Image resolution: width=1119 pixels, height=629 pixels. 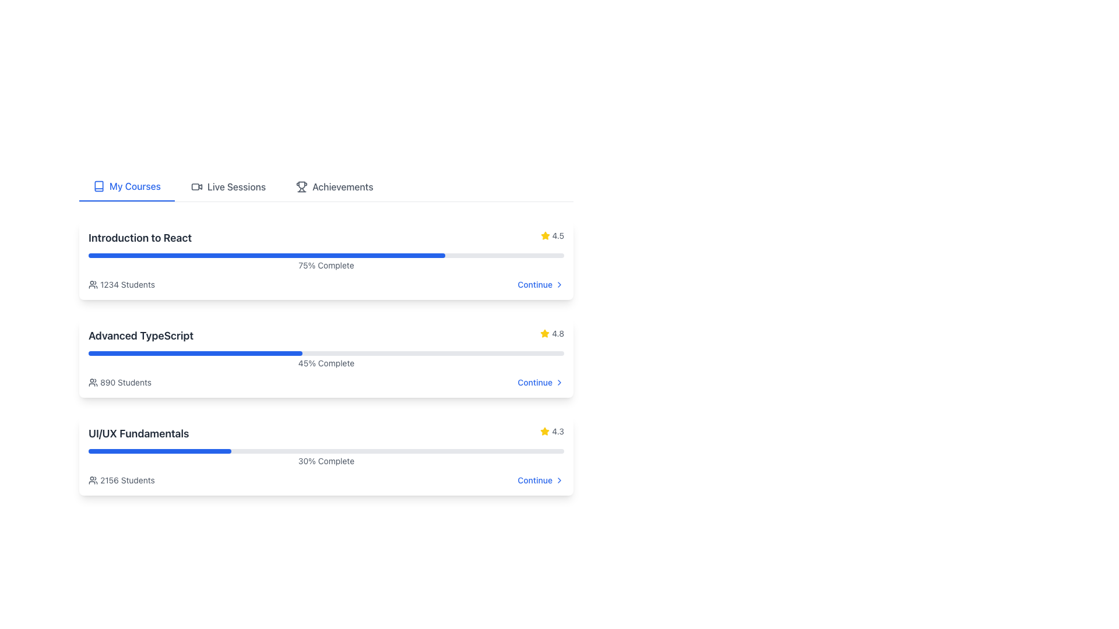 I want to click on the video-related feature icon located within the 'Live Sessions' navigational tab, positioned between 'My Courses' and 'Achievements', so click(x=196, y=186).